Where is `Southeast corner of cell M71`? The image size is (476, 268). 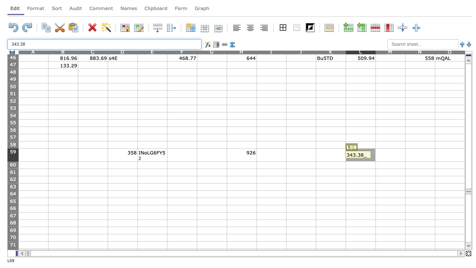 Southeast corner of cell M71 is located at coordinates (405, 249).